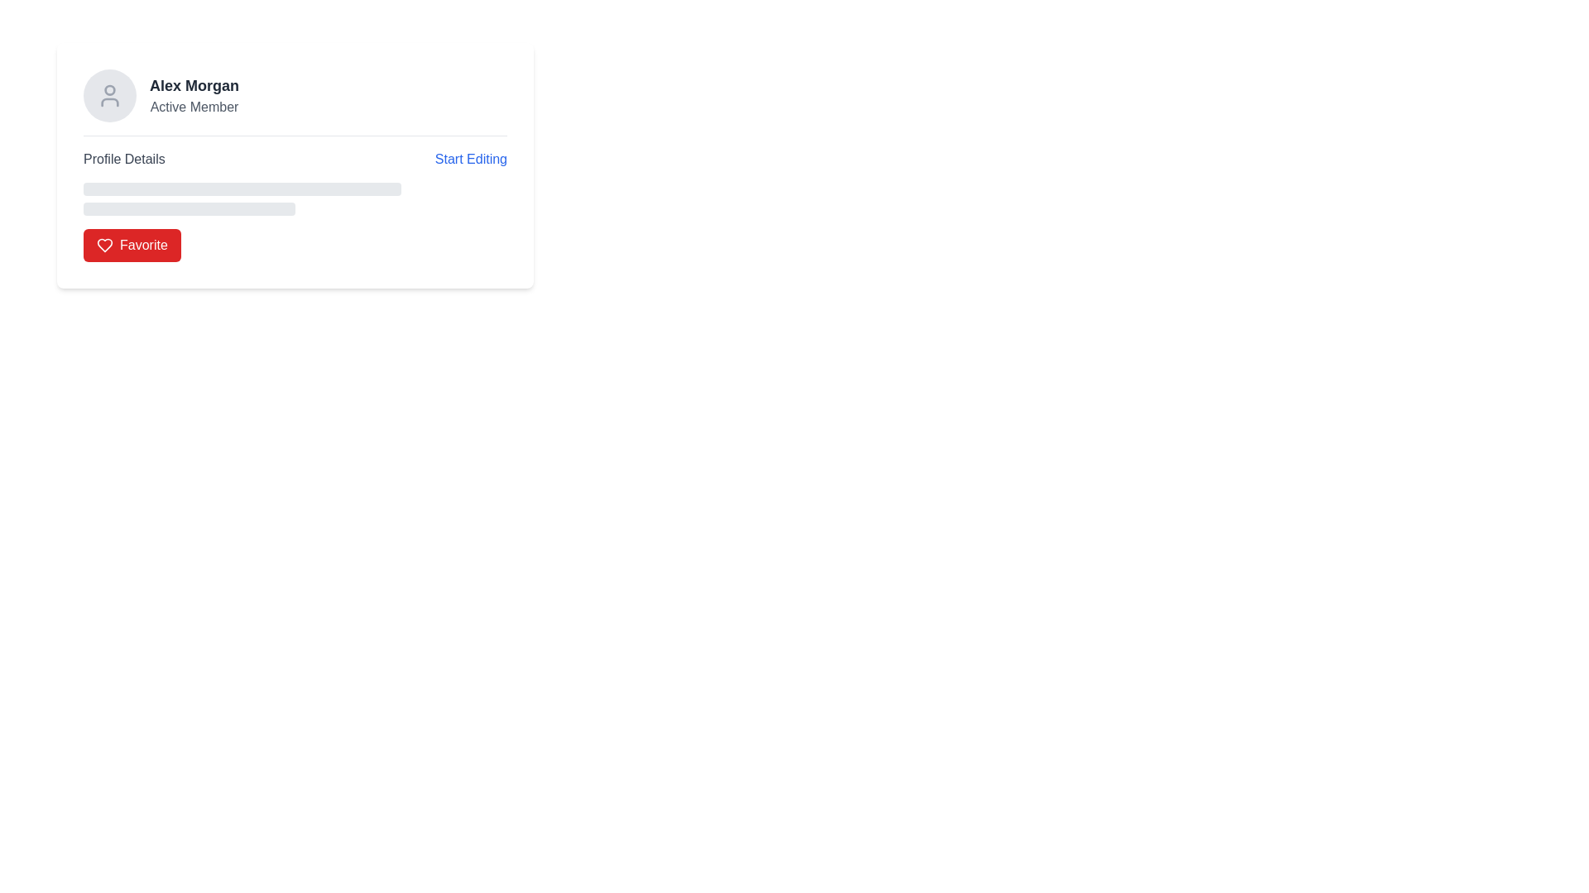  Describe the element at coordinates (109, 95) in the screenshot. I see `the user profile silhouette icon within the circular frame, located at the top-left of the user profile card` at that location.